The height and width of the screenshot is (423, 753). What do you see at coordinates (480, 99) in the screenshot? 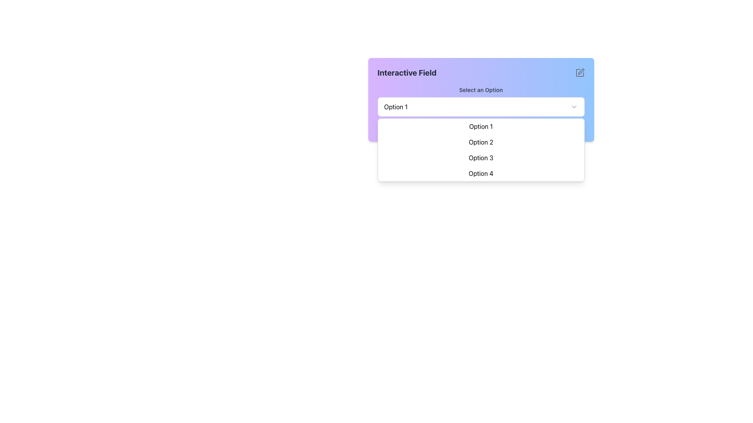
I see `the 'Option 1' dropdown menu` at bounding box center [480, 99].